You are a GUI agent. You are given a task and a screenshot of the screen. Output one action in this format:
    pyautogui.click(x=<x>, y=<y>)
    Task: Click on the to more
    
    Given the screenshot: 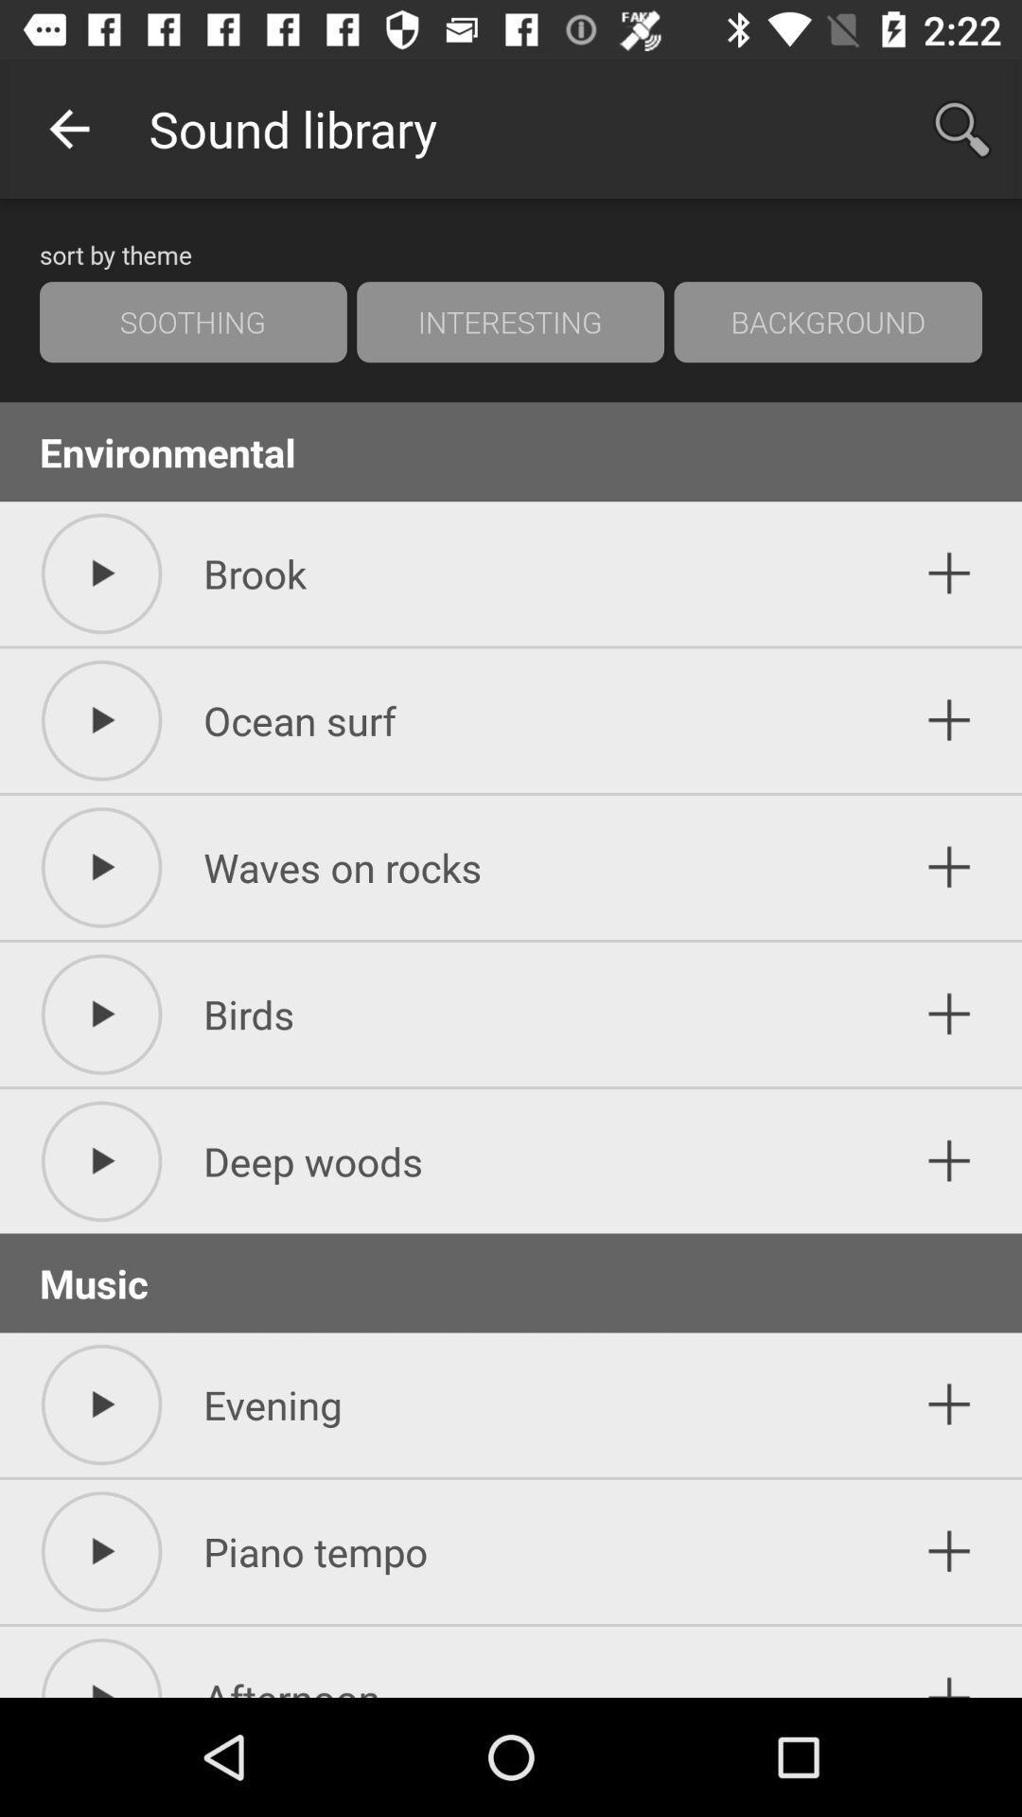 What is the action you would take?
    pyautogui.click(x=949, y=1160)
    